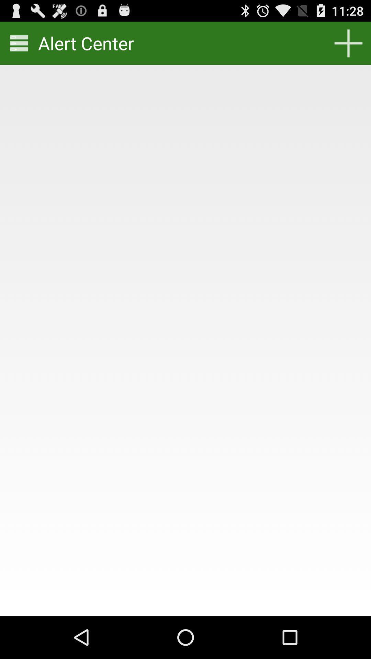  What do you see at coordinates (348, 43) in the screenshot?
I see `the item next to alert center` at bounding box center [348, 43].